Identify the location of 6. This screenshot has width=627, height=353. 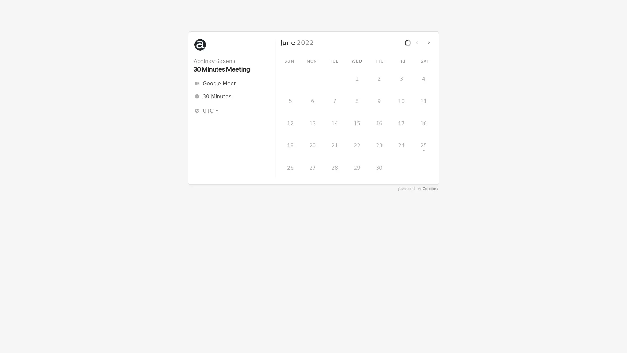
(312, 101).